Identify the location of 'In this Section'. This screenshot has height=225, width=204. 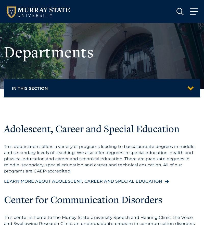
(11, 88).